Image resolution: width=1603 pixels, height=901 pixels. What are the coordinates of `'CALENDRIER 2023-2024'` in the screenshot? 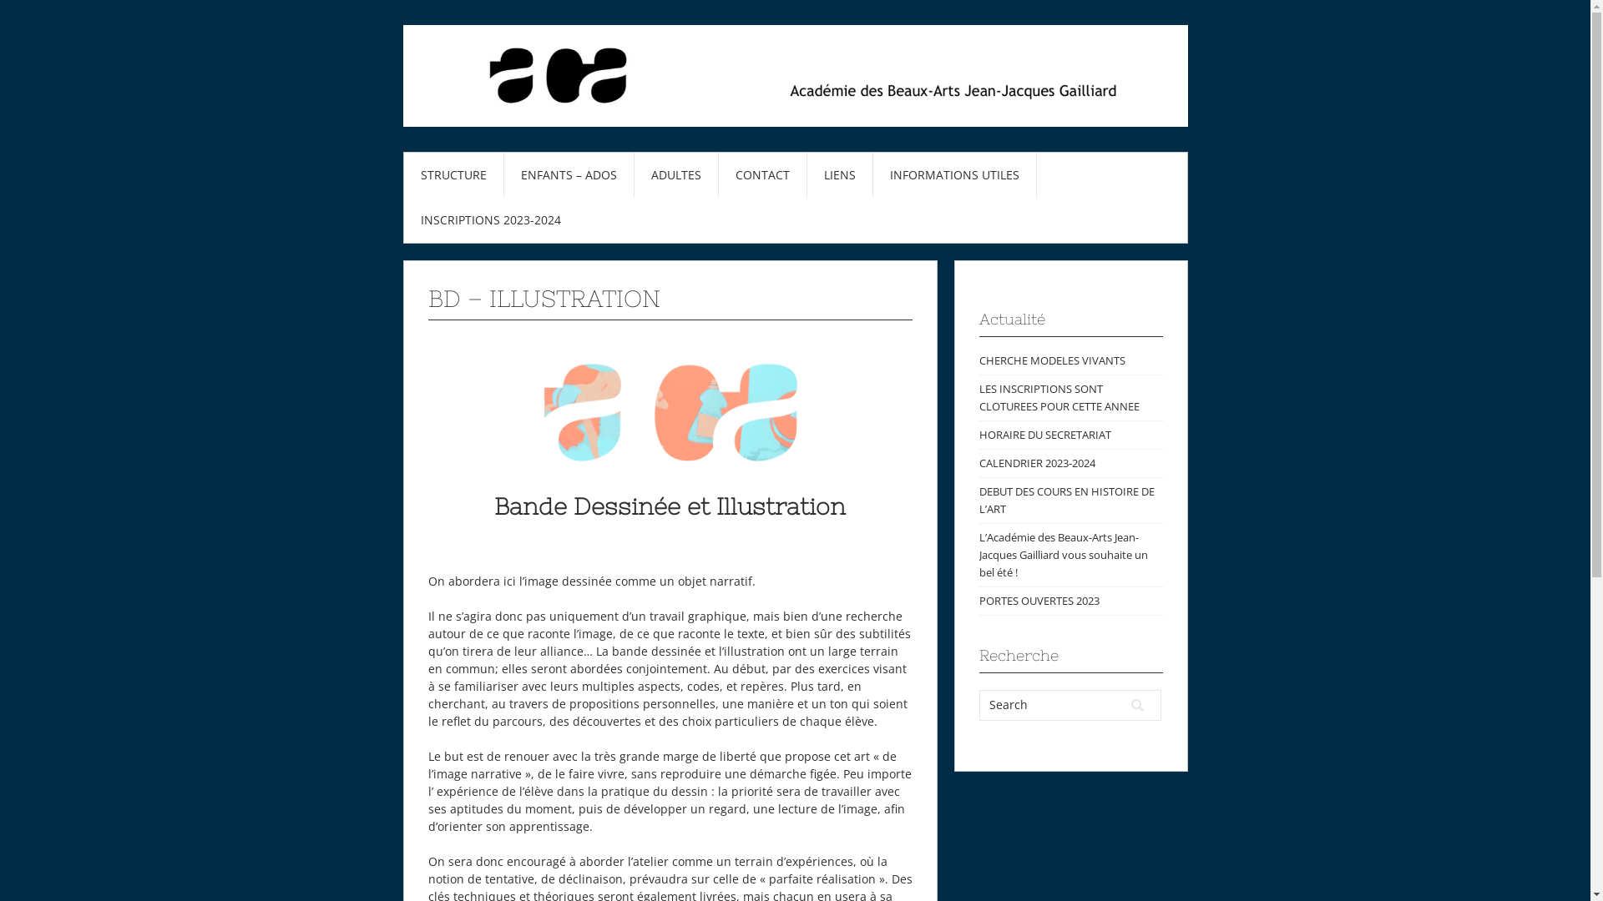 It's located at (978, 463).